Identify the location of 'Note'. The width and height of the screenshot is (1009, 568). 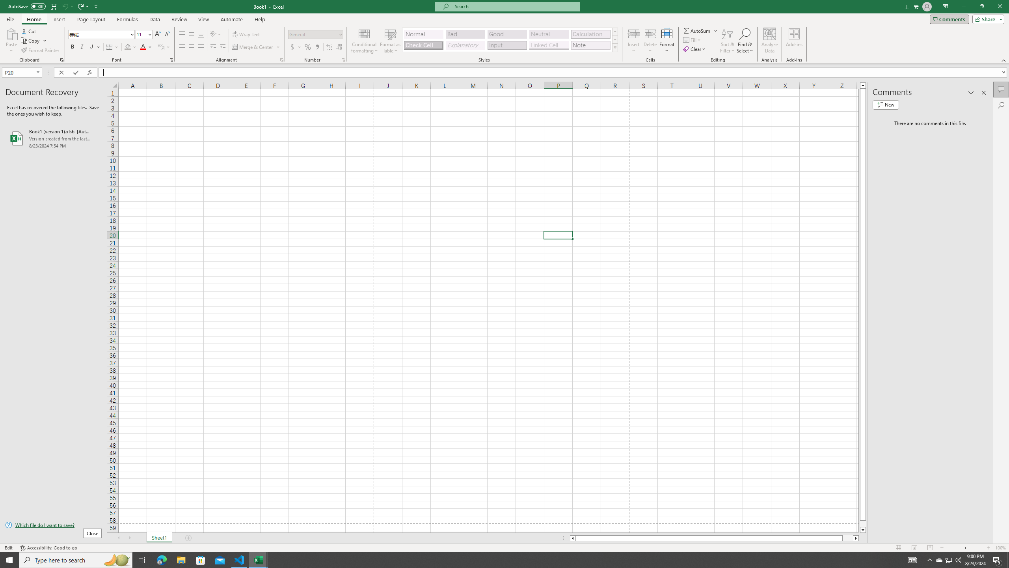
(590, 45).